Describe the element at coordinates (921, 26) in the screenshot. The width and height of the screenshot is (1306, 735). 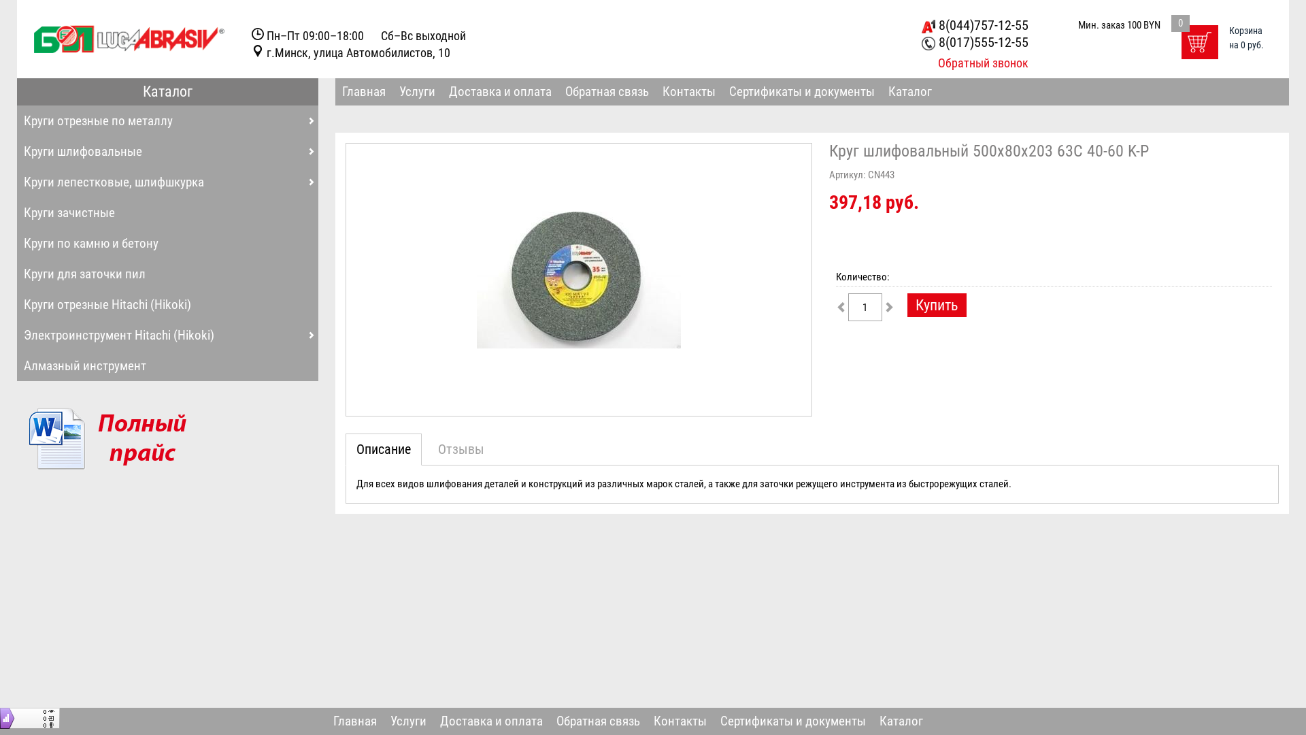
I see `'A1'` at that location.